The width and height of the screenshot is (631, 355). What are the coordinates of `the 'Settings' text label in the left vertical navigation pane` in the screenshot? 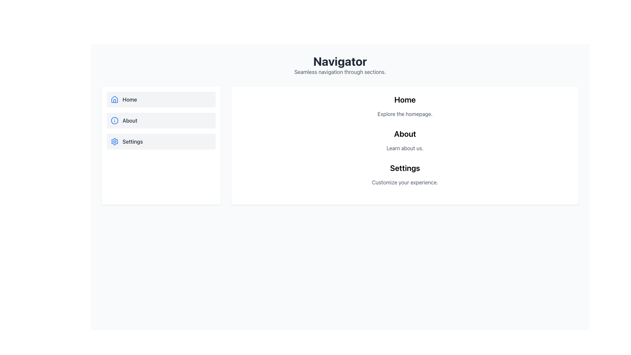 It's located at (132, 141).